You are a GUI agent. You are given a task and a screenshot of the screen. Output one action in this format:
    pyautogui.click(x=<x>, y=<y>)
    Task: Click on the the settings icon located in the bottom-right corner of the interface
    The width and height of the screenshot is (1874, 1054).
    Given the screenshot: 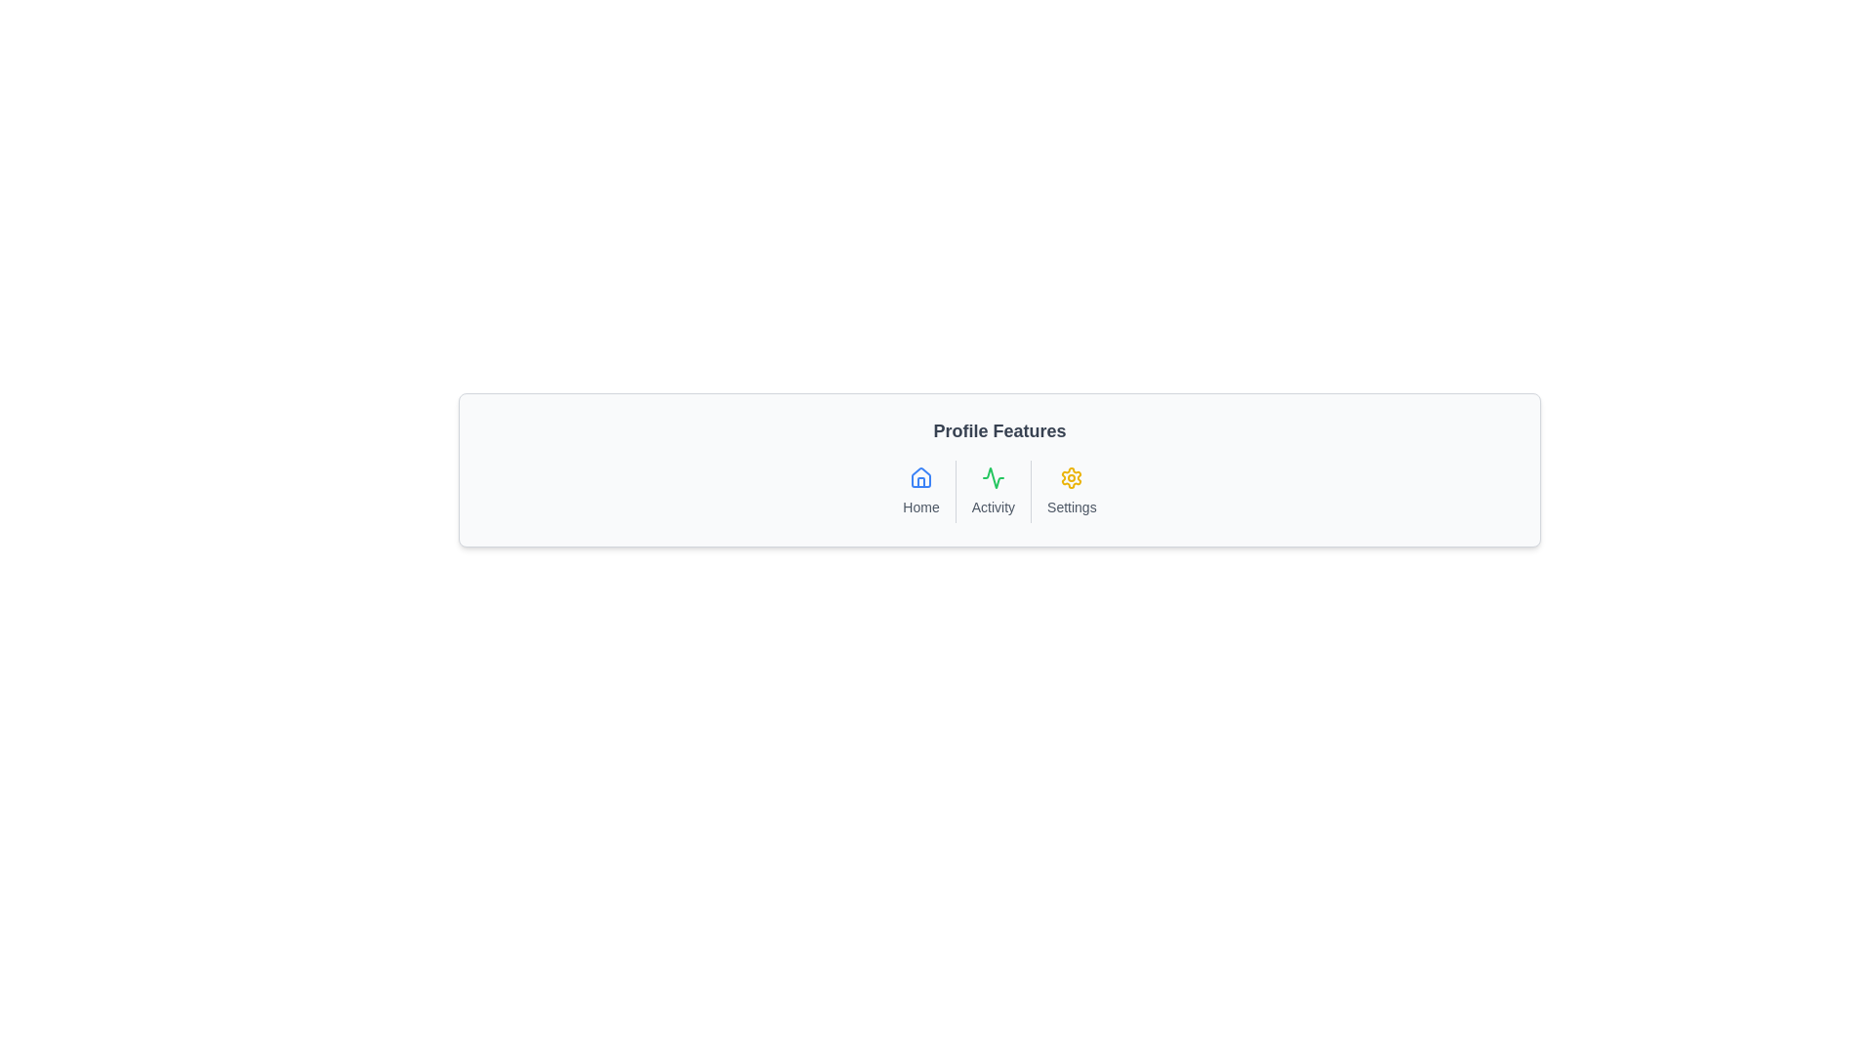 What is the action you would take?
    pyautogui.click(x=1071, y=491)
    